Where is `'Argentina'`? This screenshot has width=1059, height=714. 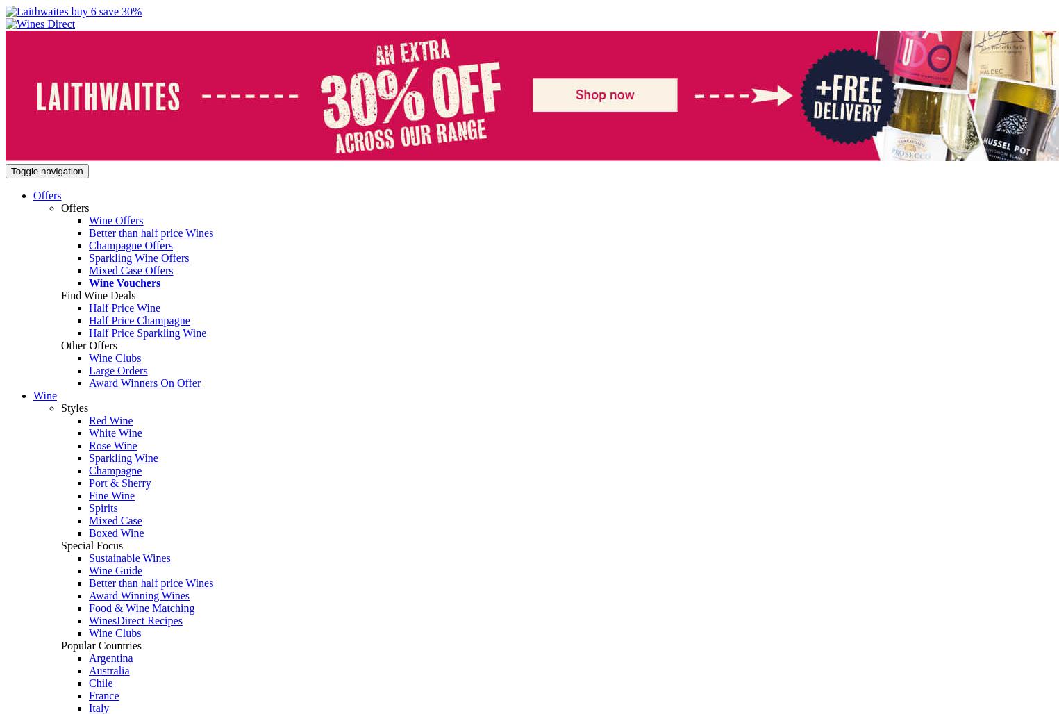
'Argentina' is located at coordinates (87, 658).